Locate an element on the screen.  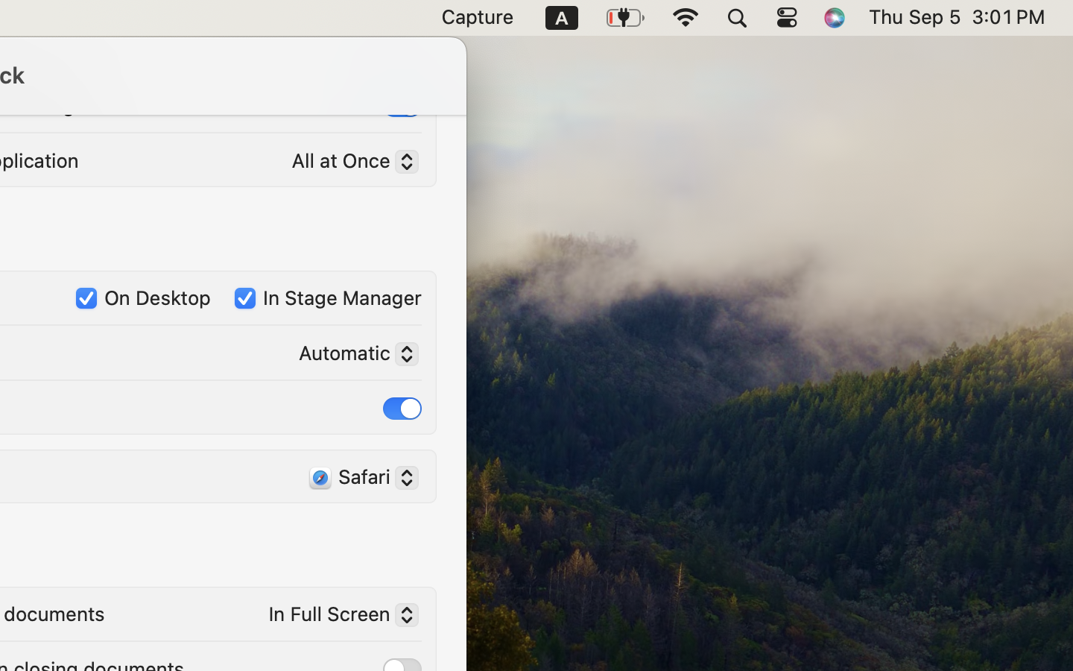
'Safari' is located at coordinates (357, 479).